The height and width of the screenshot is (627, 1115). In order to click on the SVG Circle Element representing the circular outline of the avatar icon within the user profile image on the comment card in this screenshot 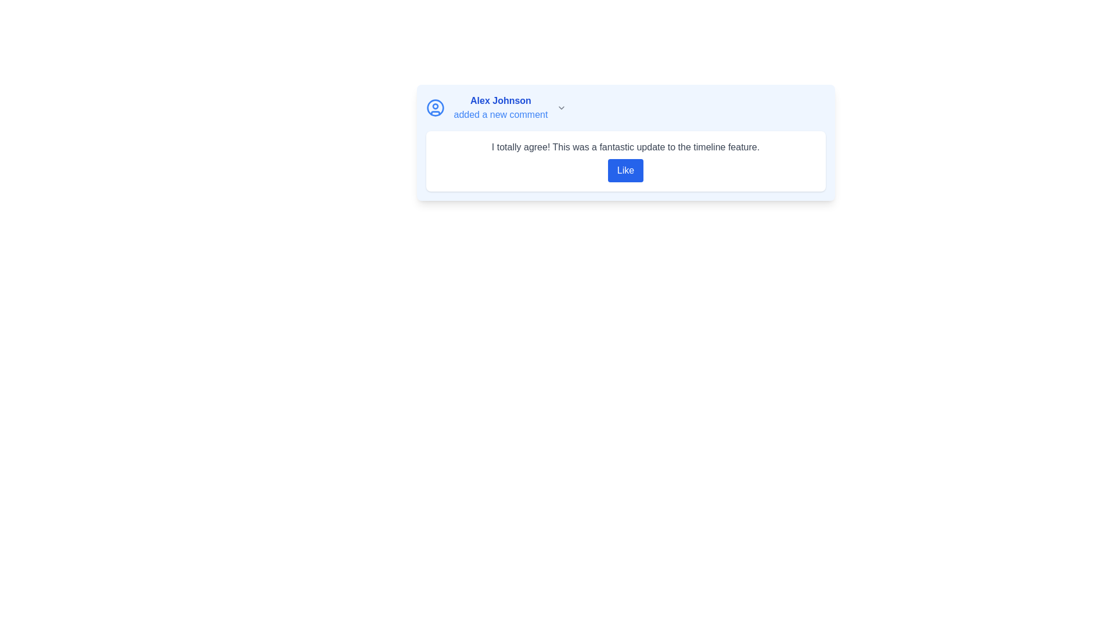, I will do `click(434, 107)`.